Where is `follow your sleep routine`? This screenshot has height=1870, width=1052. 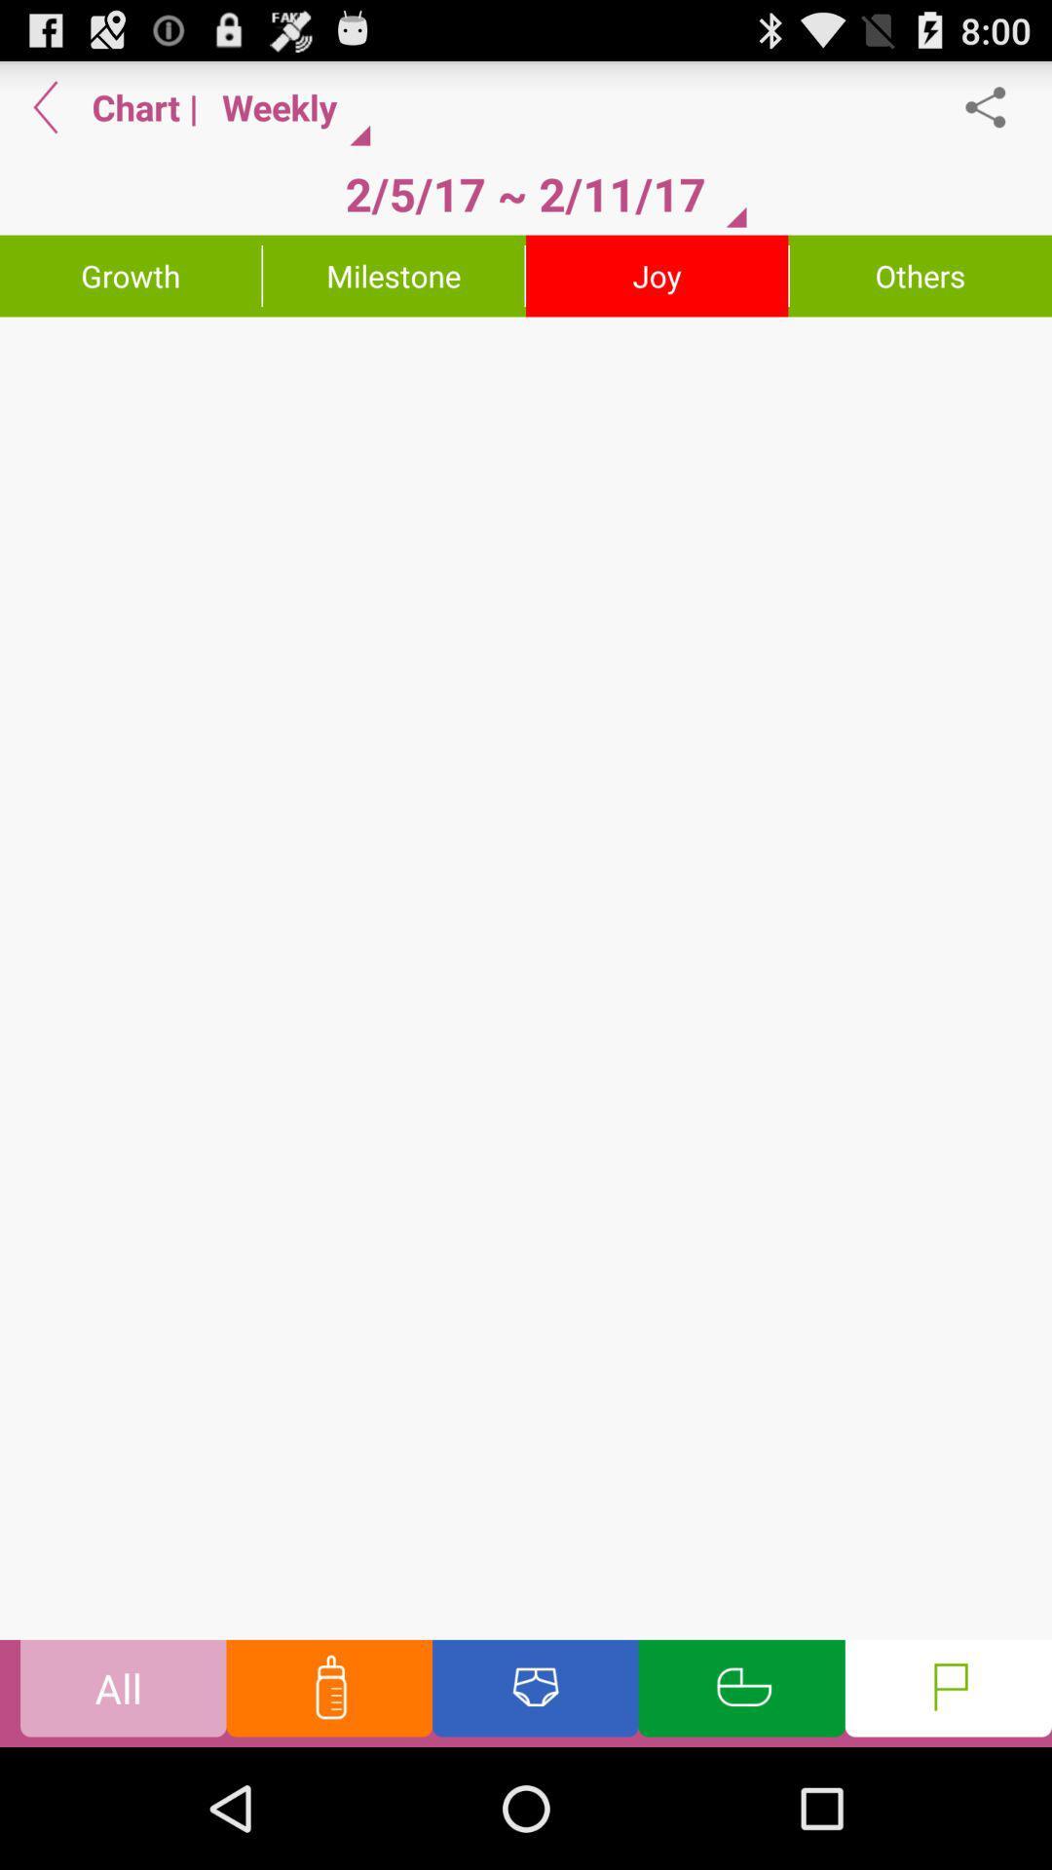
follow your sleep routine is located at coordinates (741, 1692).